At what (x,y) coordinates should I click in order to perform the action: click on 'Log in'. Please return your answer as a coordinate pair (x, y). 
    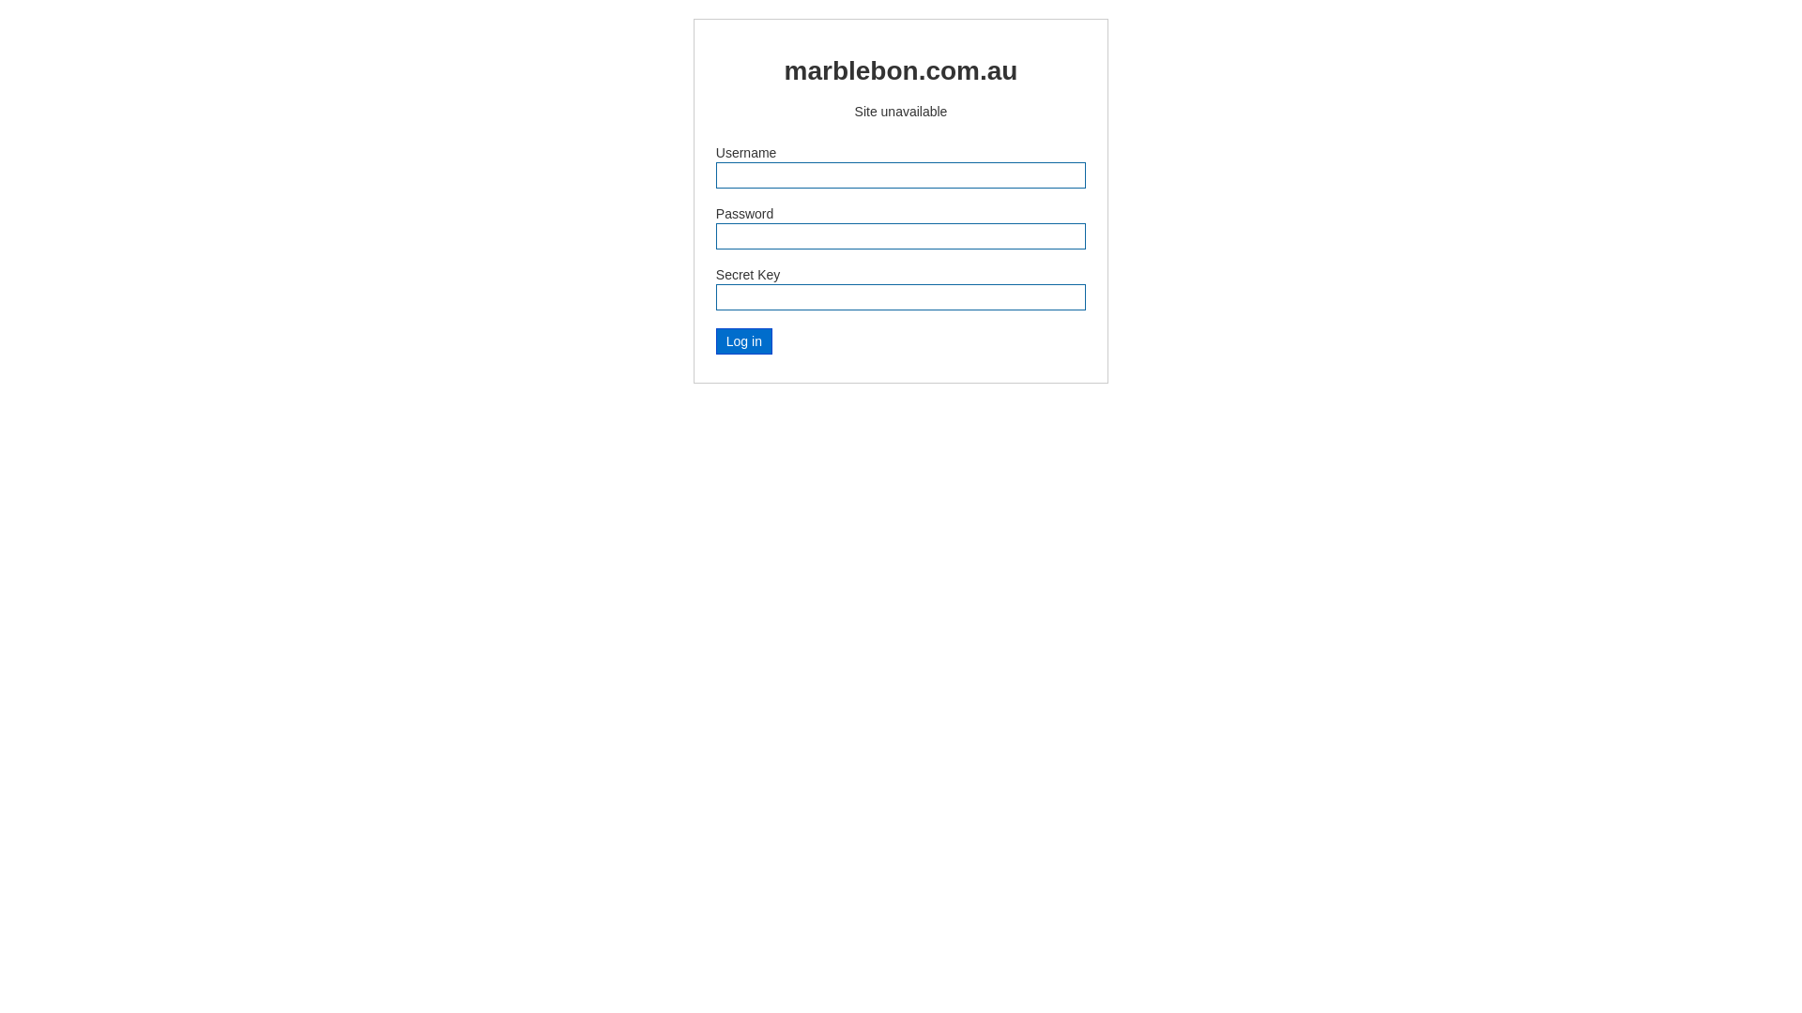
    Looking at the image, I should click on (715, 340).